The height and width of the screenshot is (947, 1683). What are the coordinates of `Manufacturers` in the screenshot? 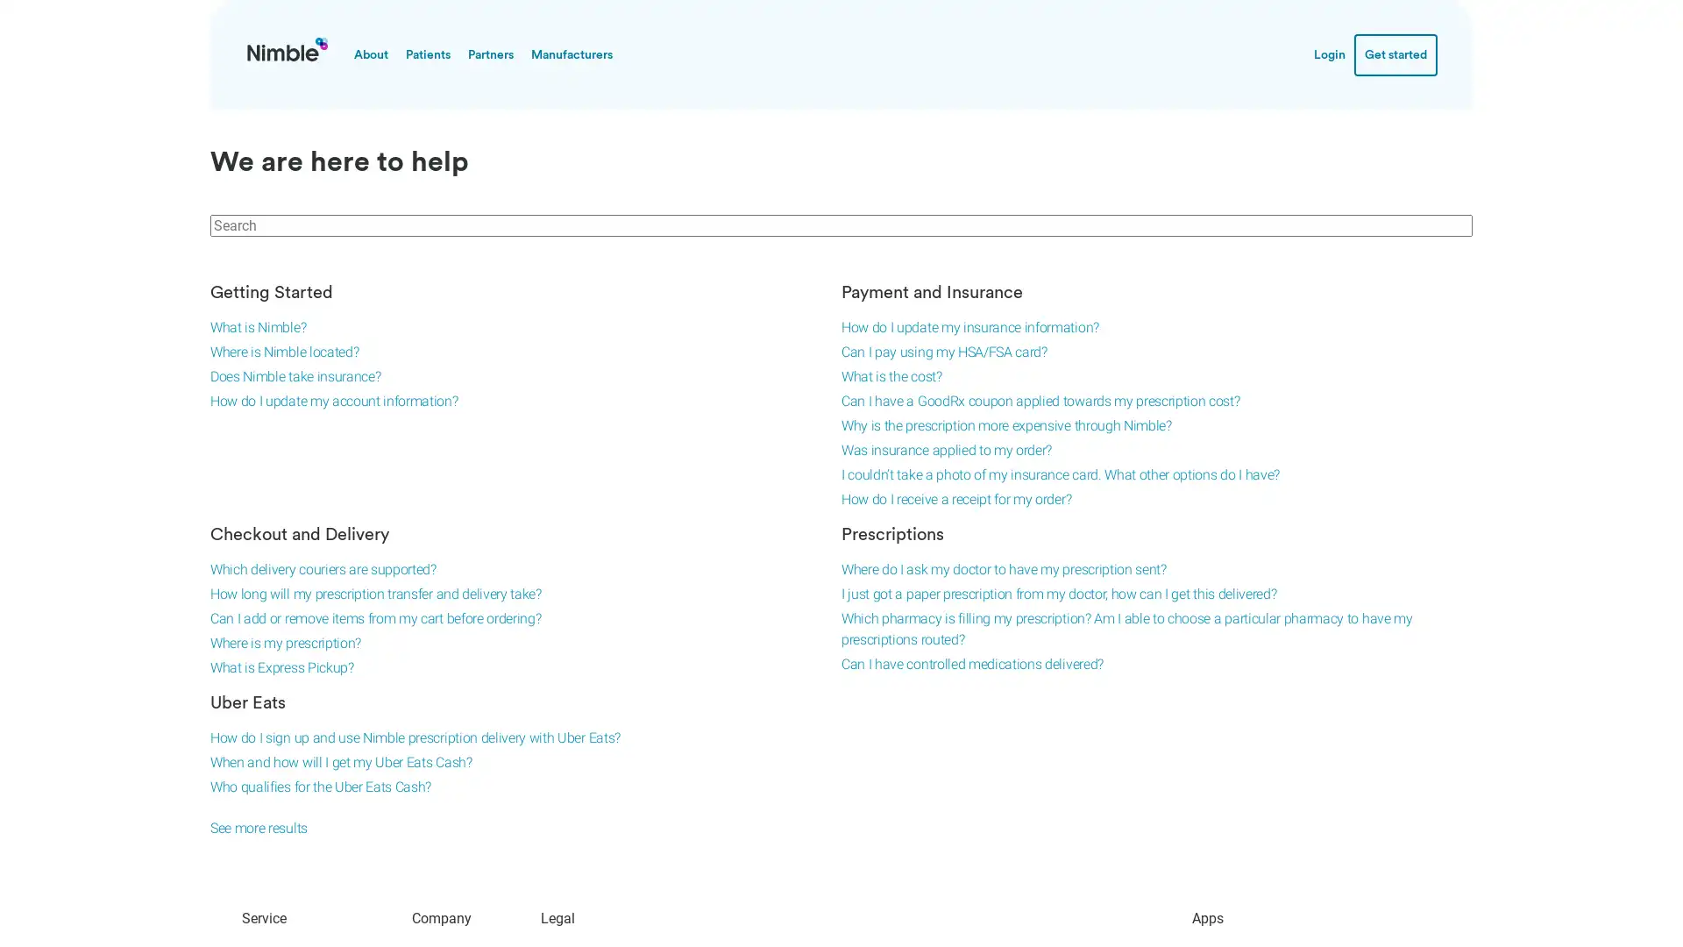 It's located at (572, 53).